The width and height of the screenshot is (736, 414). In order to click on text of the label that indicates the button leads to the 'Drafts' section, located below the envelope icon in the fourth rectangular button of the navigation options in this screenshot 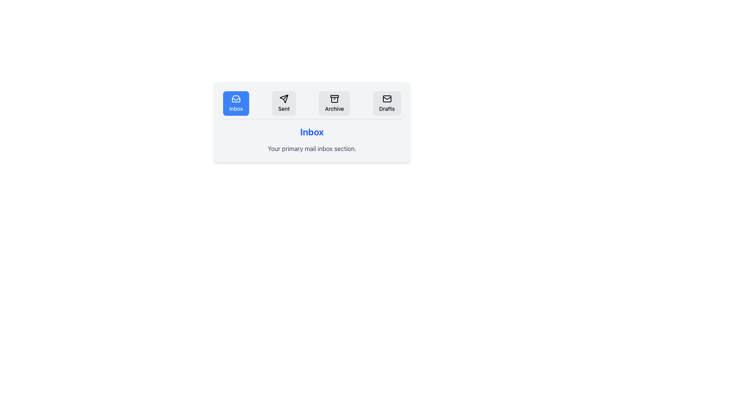, I will do `click(387, 109)`.